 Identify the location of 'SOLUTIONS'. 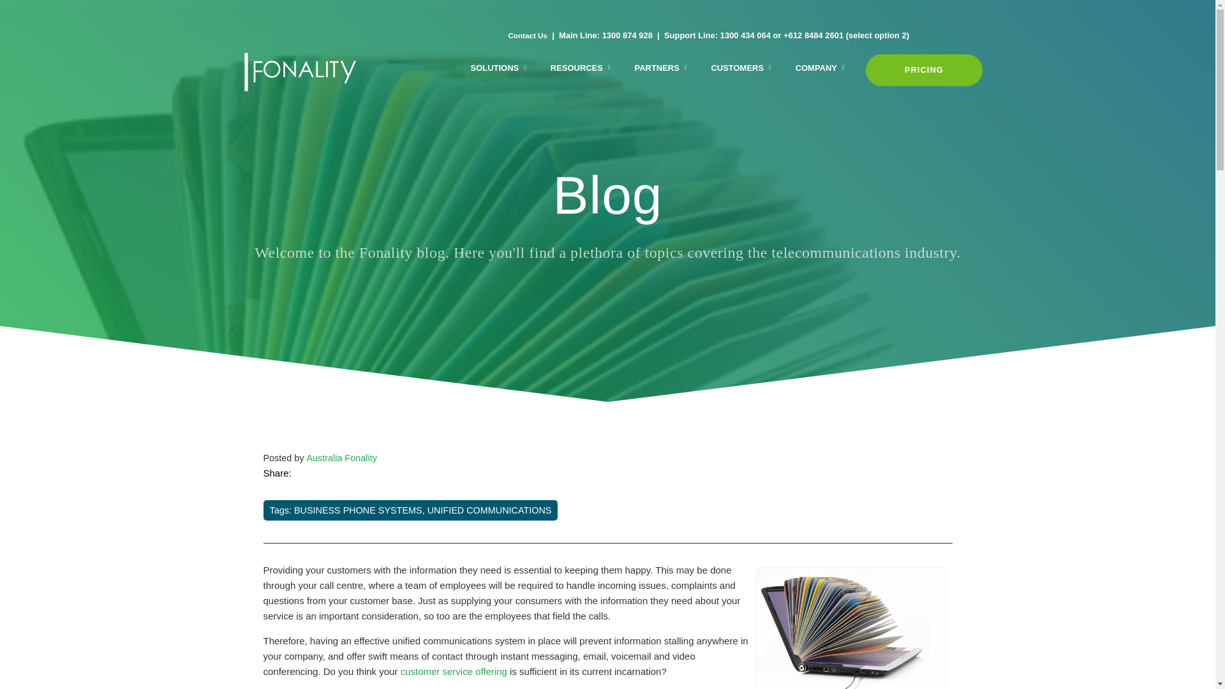
(498, 69).